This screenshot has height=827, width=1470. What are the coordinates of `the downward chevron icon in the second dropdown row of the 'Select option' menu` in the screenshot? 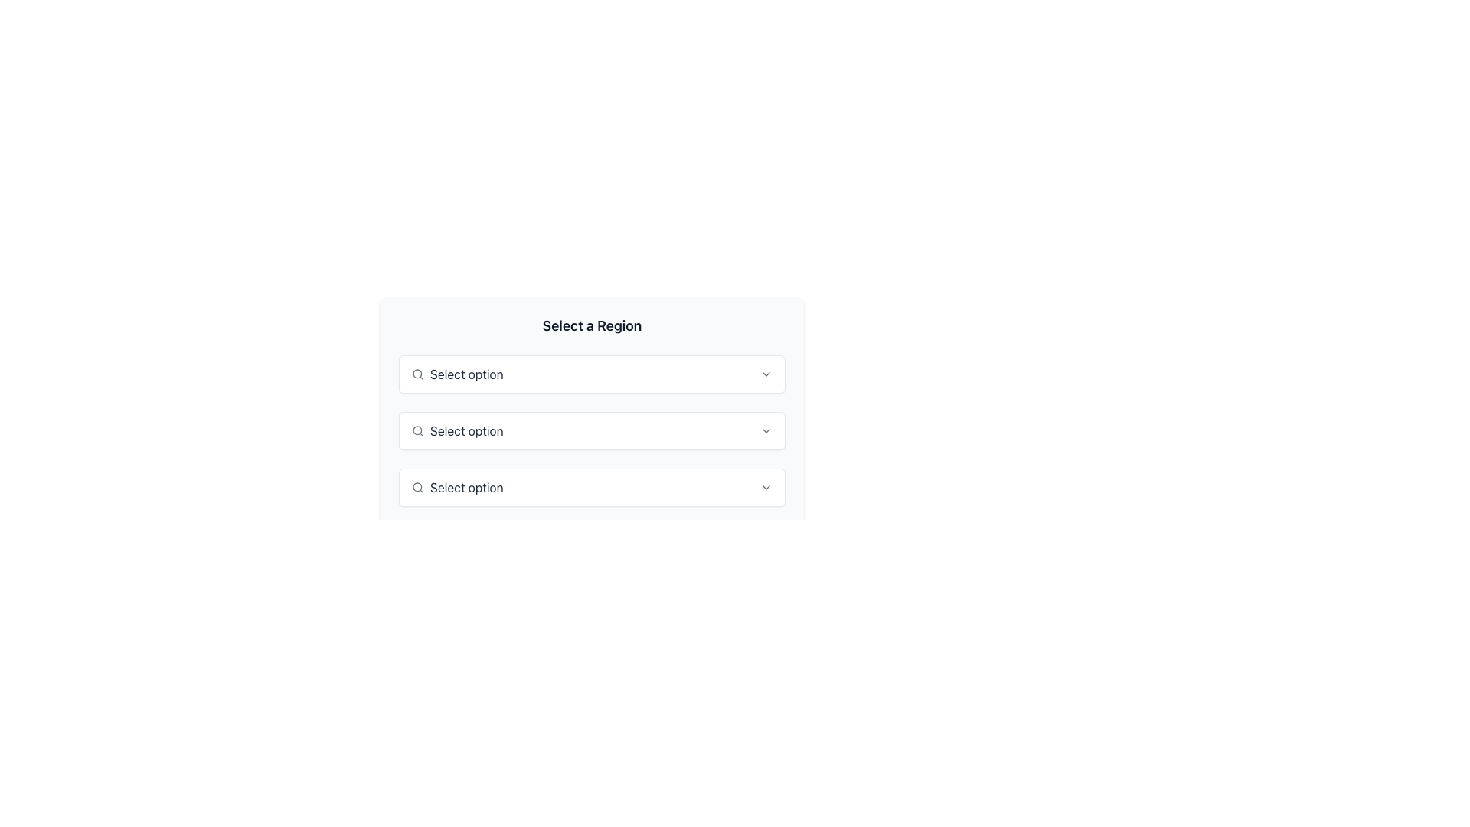 It's located at (766, 431).